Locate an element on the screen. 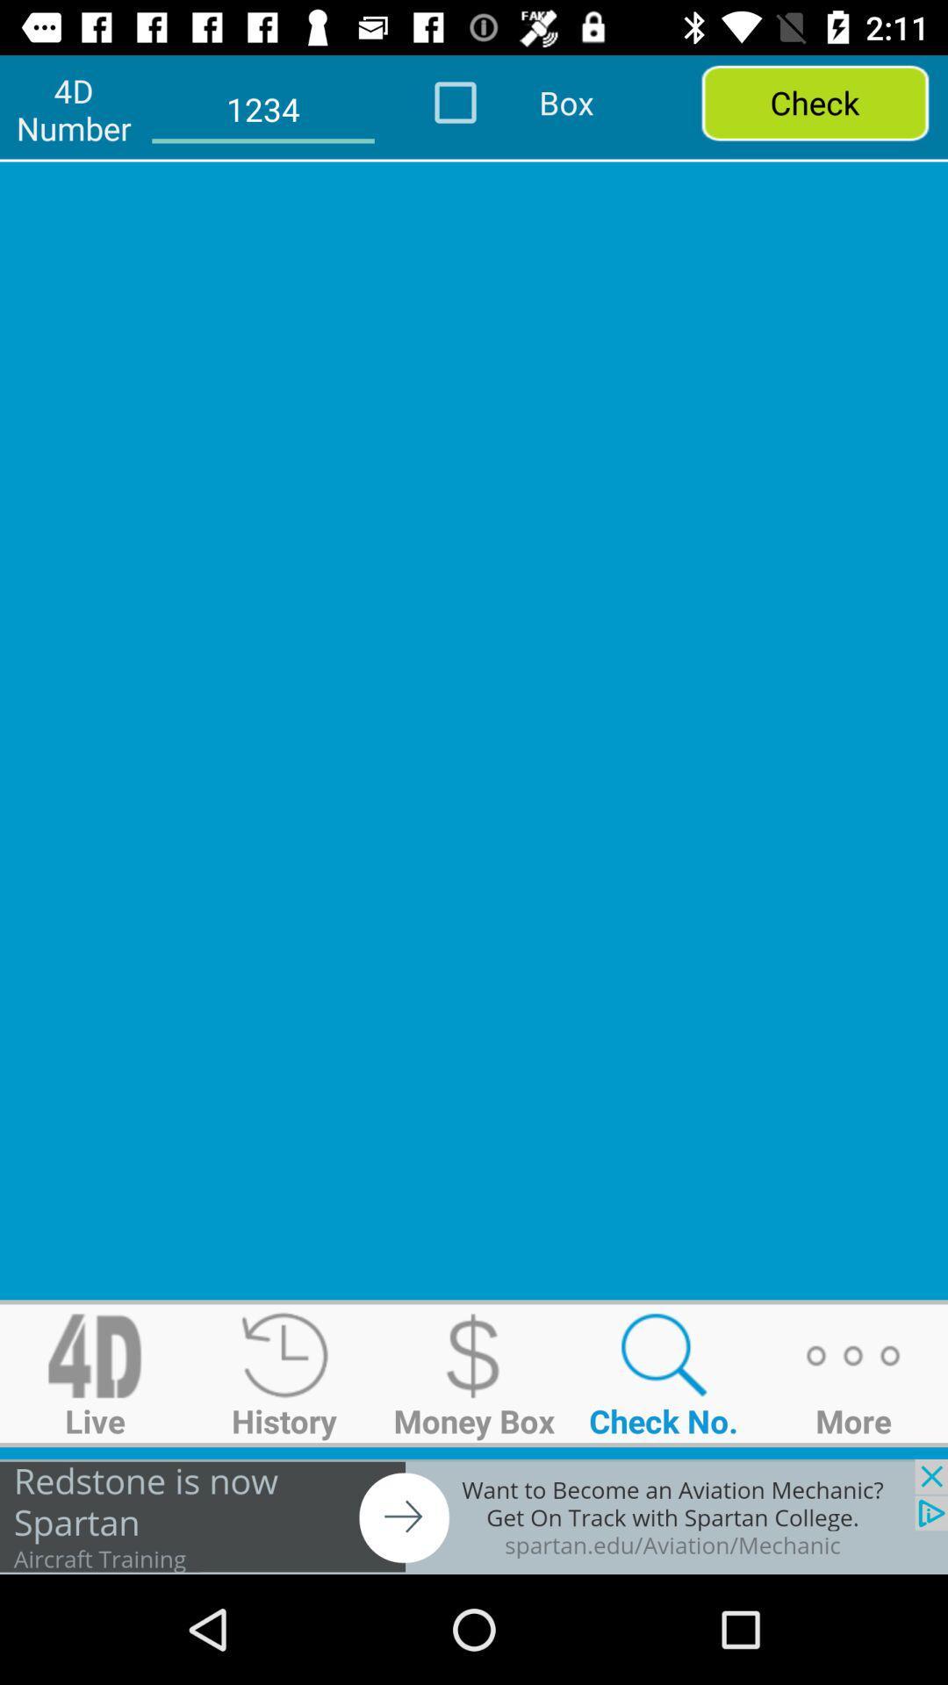 The image size is (948, 1685). more option is located at coordinates (852, 1373).